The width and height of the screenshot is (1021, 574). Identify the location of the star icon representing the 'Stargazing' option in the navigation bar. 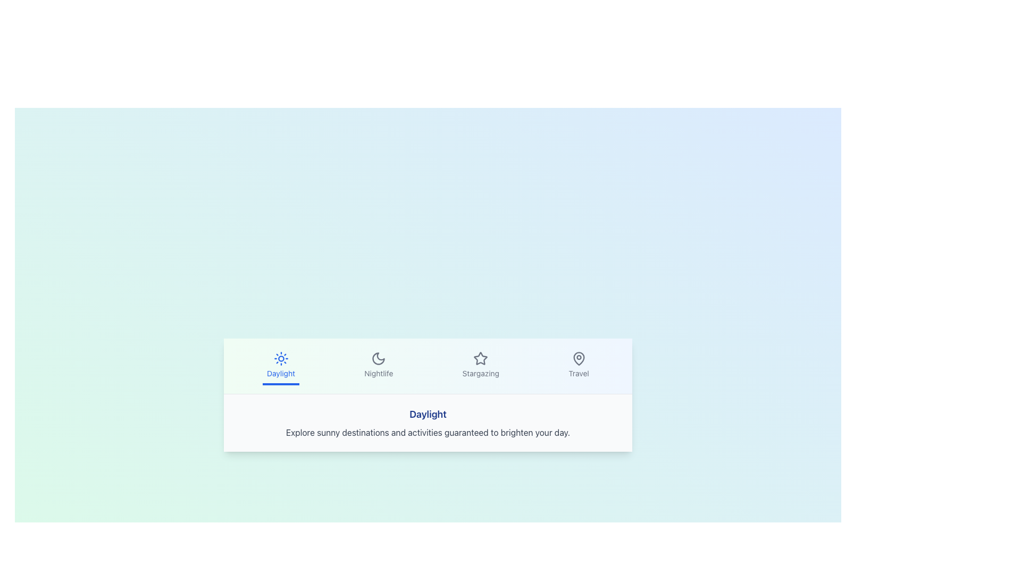
(480, 358).